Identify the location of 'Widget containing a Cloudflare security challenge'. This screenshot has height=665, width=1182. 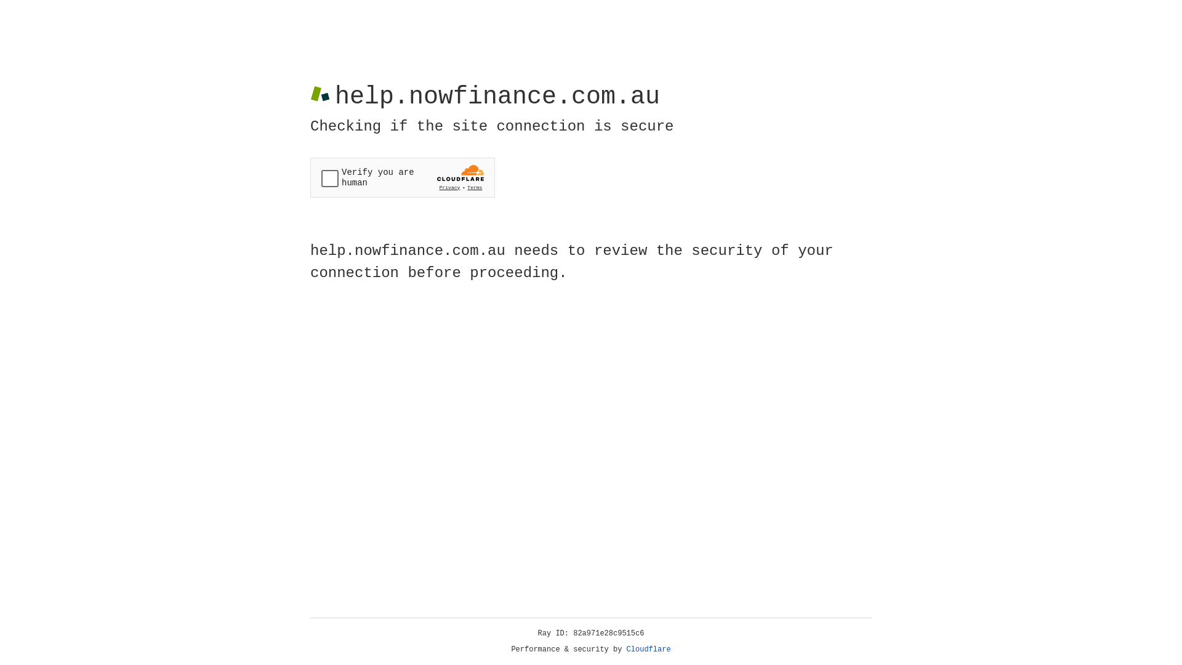
(402, 177).